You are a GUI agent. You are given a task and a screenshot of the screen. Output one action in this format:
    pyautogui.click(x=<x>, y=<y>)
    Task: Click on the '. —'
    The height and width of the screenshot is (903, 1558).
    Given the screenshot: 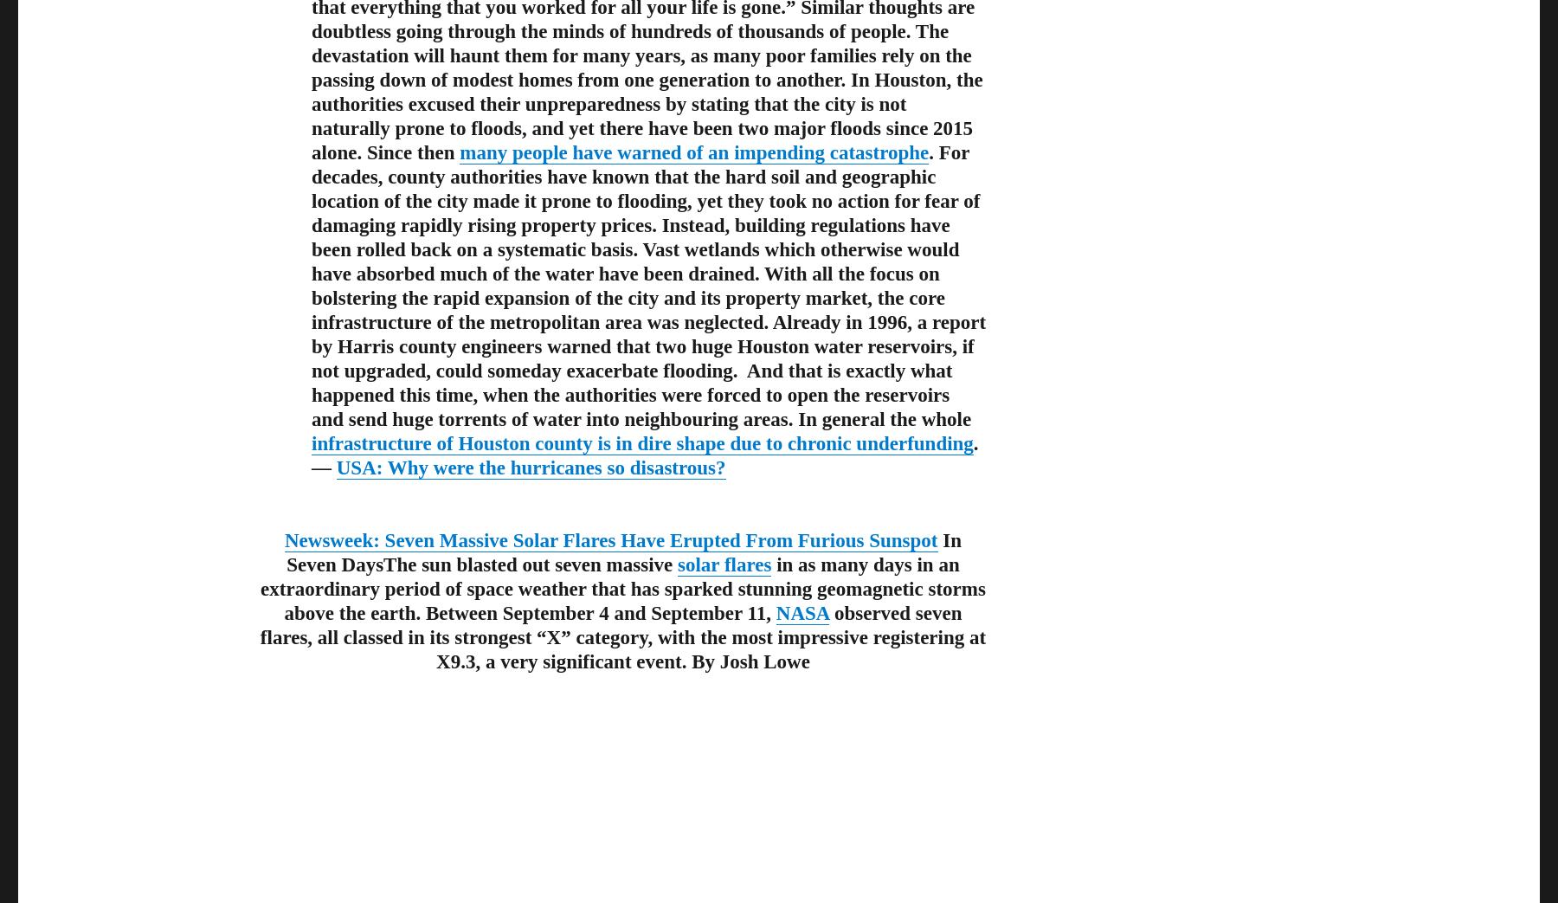 What is the action you would take?
    pyautogui.click(x=644, y=455)
    